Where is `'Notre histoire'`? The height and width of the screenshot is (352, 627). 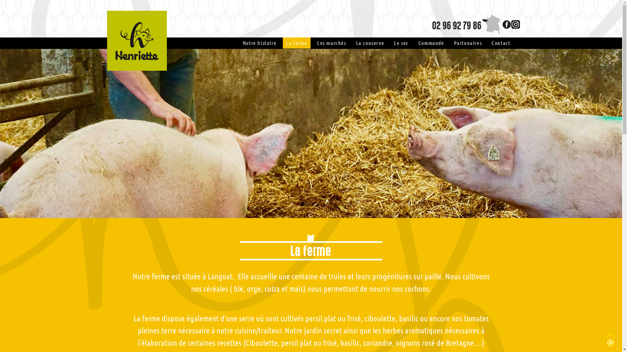 'Notre histoire' is located at coordinates (259, 43).